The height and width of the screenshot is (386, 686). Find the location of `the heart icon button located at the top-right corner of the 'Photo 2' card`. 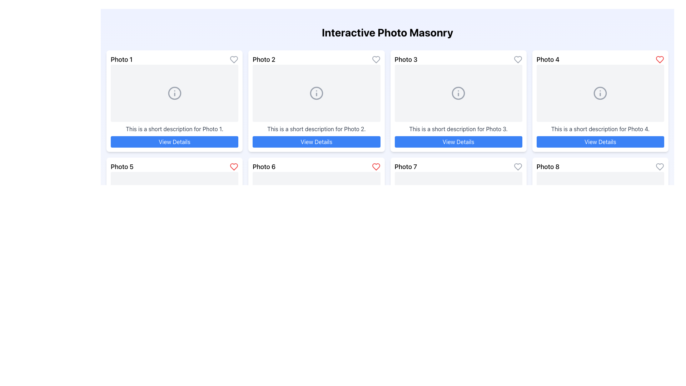

the heart icon button located at the top-right corner of the 'Photo 2' card is located at coordinates (376, 59).